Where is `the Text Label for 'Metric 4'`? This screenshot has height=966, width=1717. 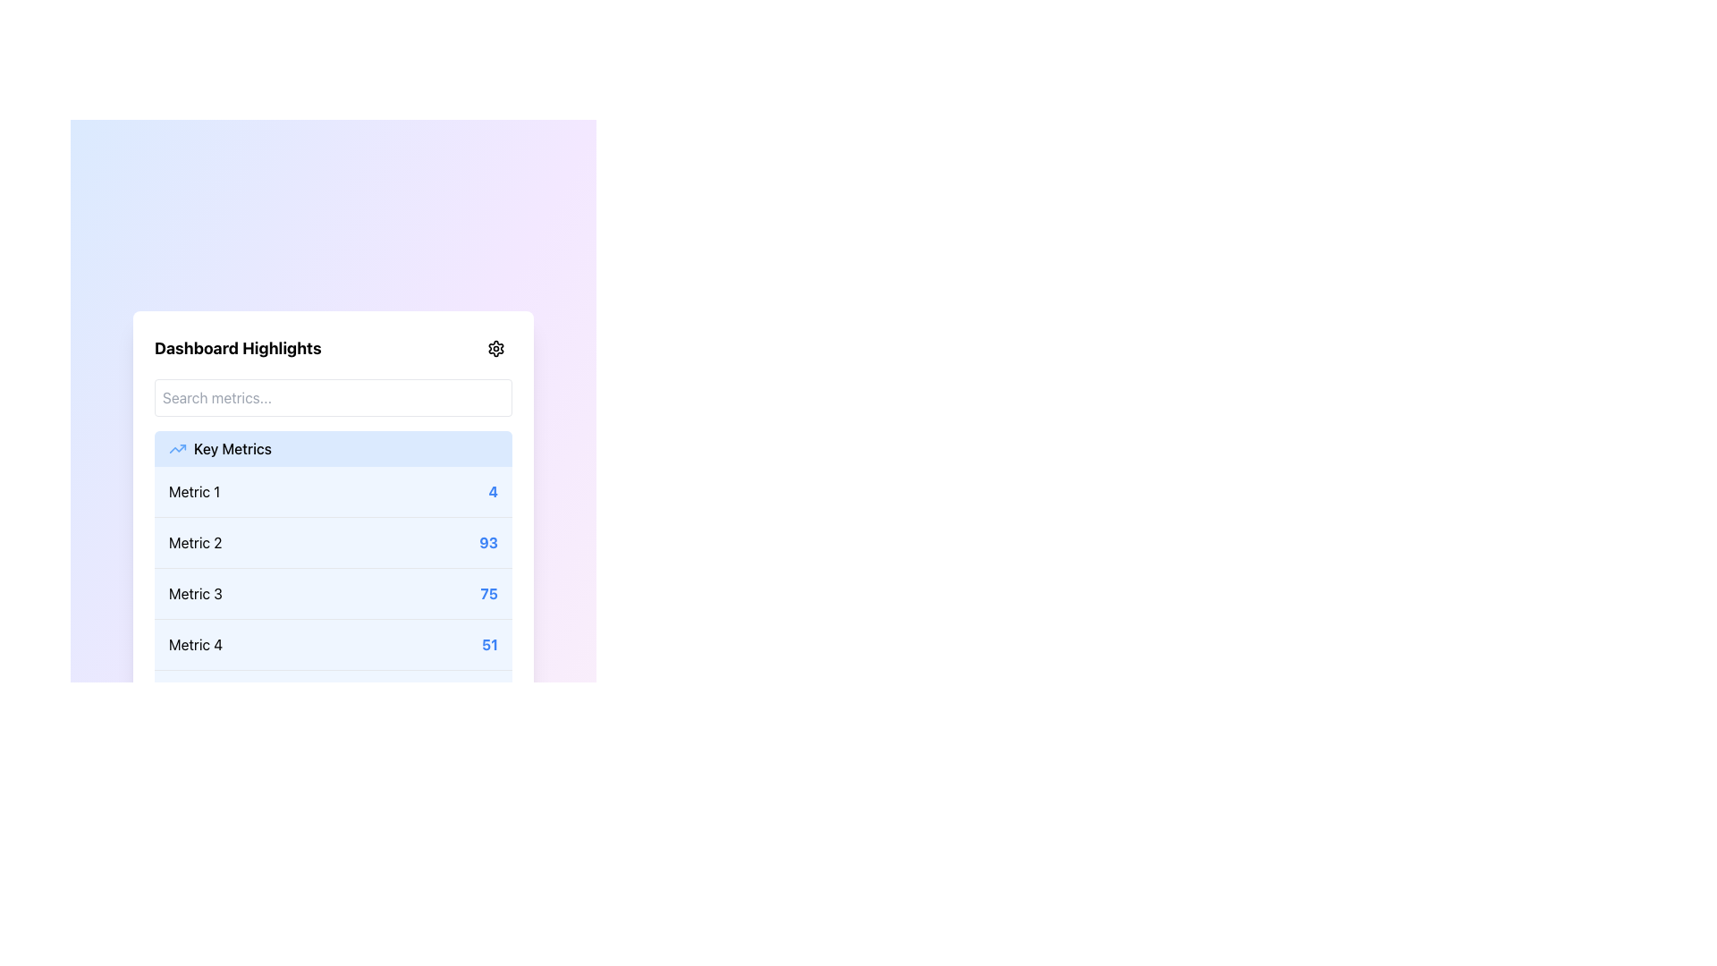 the Text Label for 'Metric 4' is located at coordinates (196, 645).